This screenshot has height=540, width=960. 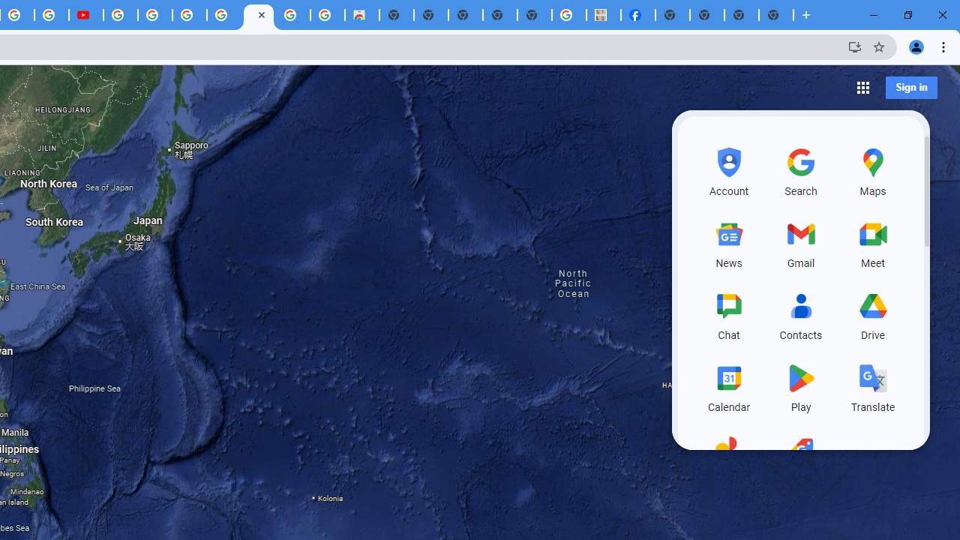 I want to click on 'Google apps', so click(x=862, y=87).